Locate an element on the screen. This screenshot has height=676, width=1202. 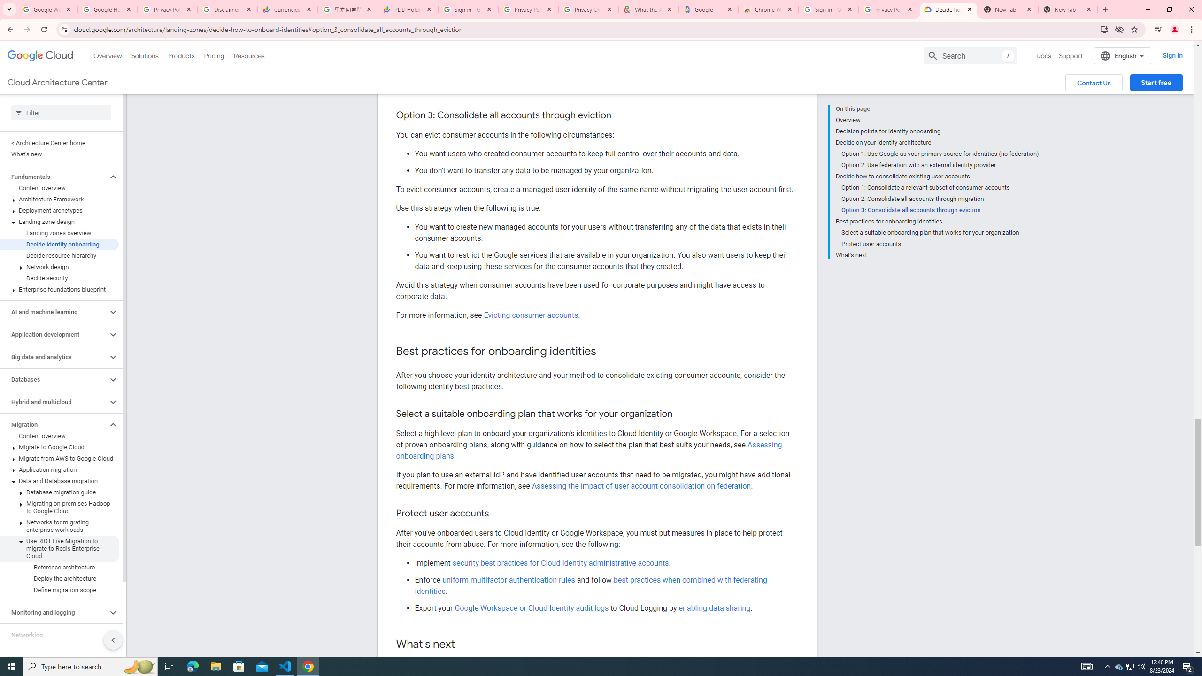
'Google Workspace Admin Community' is located at coordinates (47, 9).